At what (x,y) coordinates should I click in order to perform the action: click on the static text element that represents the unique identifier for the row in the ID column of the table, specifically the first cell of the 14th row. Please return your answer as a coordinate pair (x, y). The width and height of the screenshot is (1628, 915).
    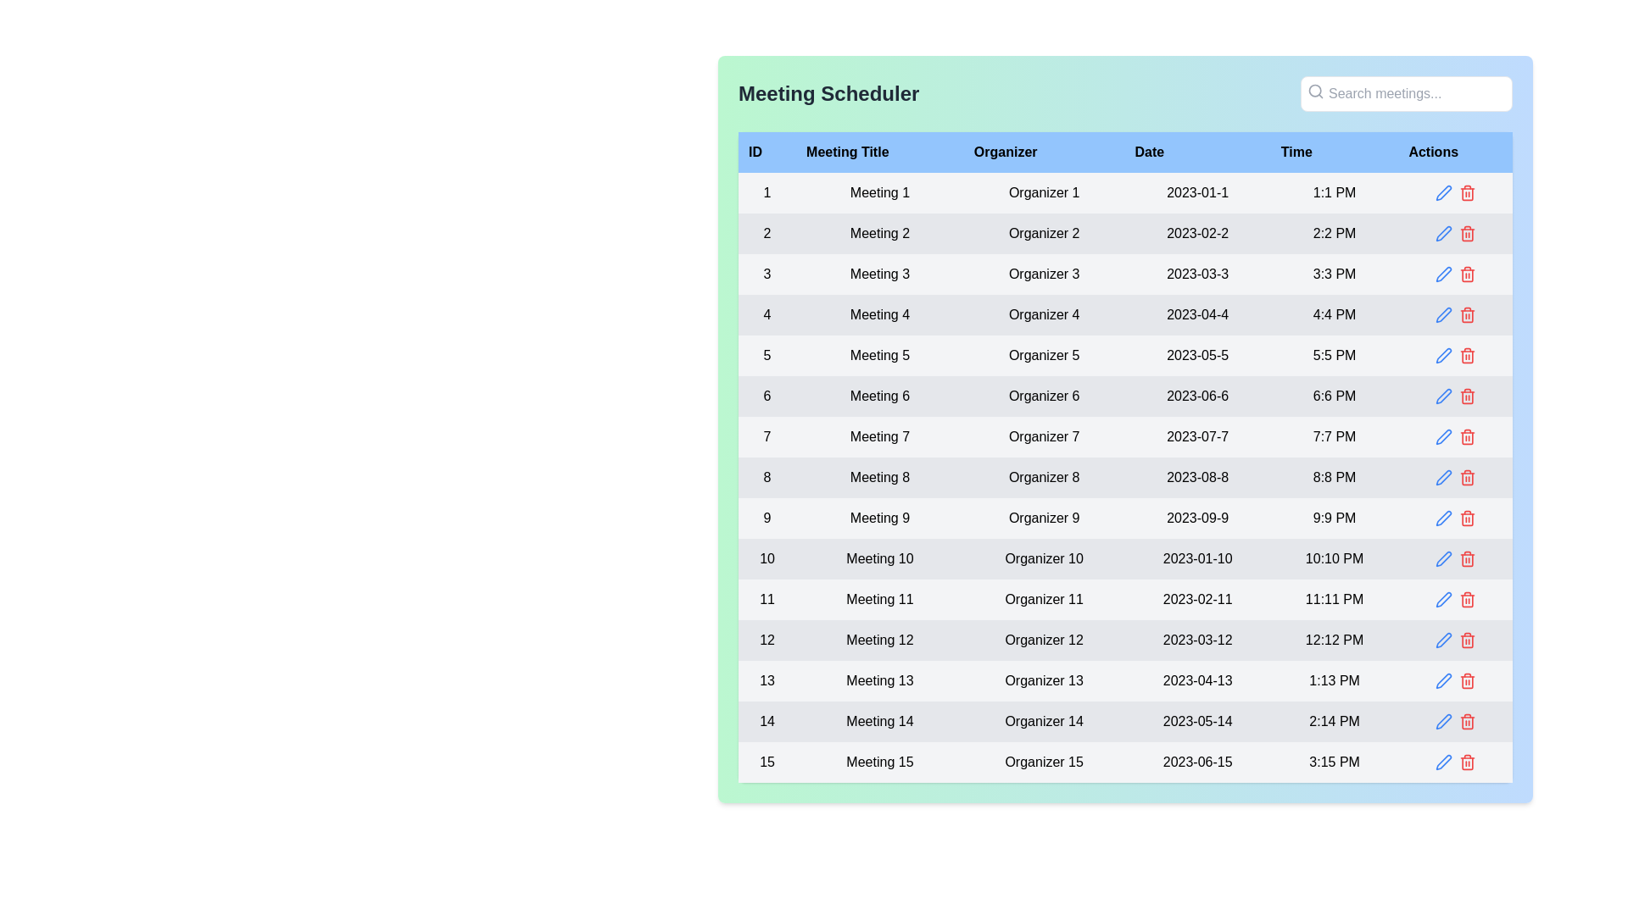
    Looking at the image, I should click on (767, 722).